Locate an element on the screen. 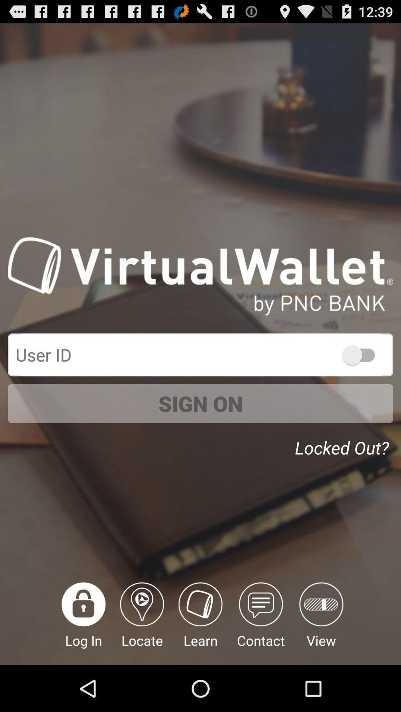 The image size is (401, 712). user id is located at coordinates (362, 354).